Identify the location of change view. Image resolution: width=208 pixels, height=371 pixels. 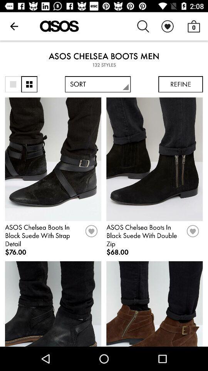
(29, 84).